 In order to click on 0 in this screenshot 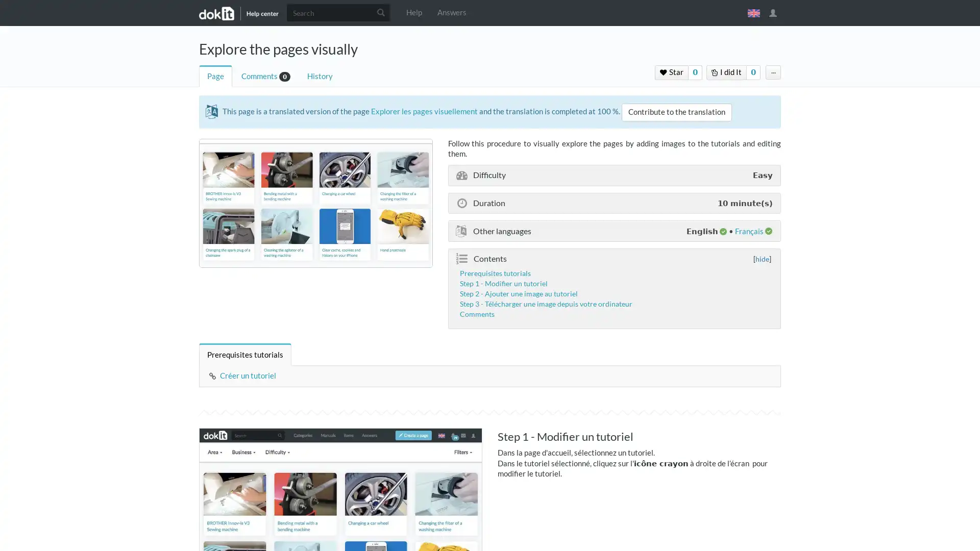, I will do `click(753, 72)`.